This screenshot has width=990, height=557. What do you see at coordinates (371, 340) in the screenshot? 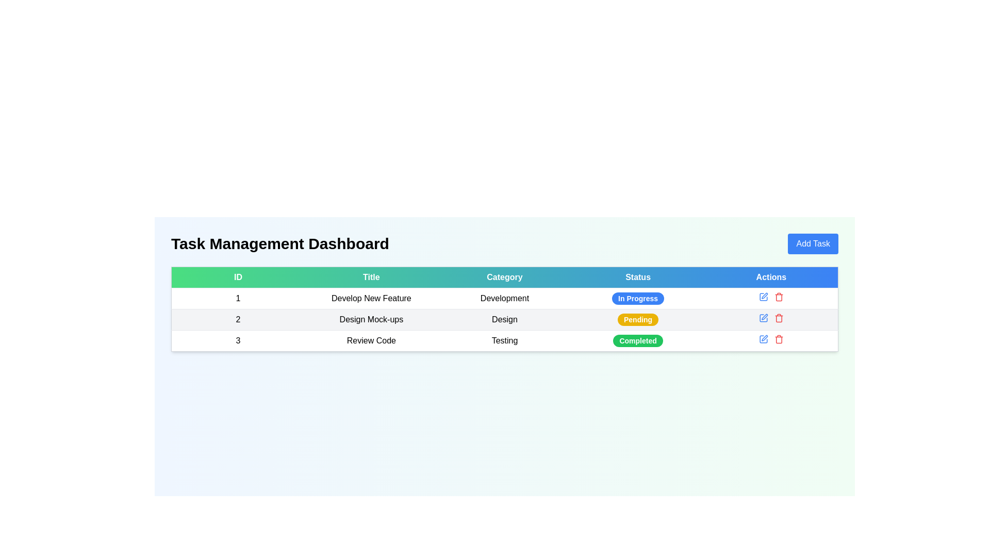
I see `the table cell displaying 'Review Code'` at bounding box center [371, 340].